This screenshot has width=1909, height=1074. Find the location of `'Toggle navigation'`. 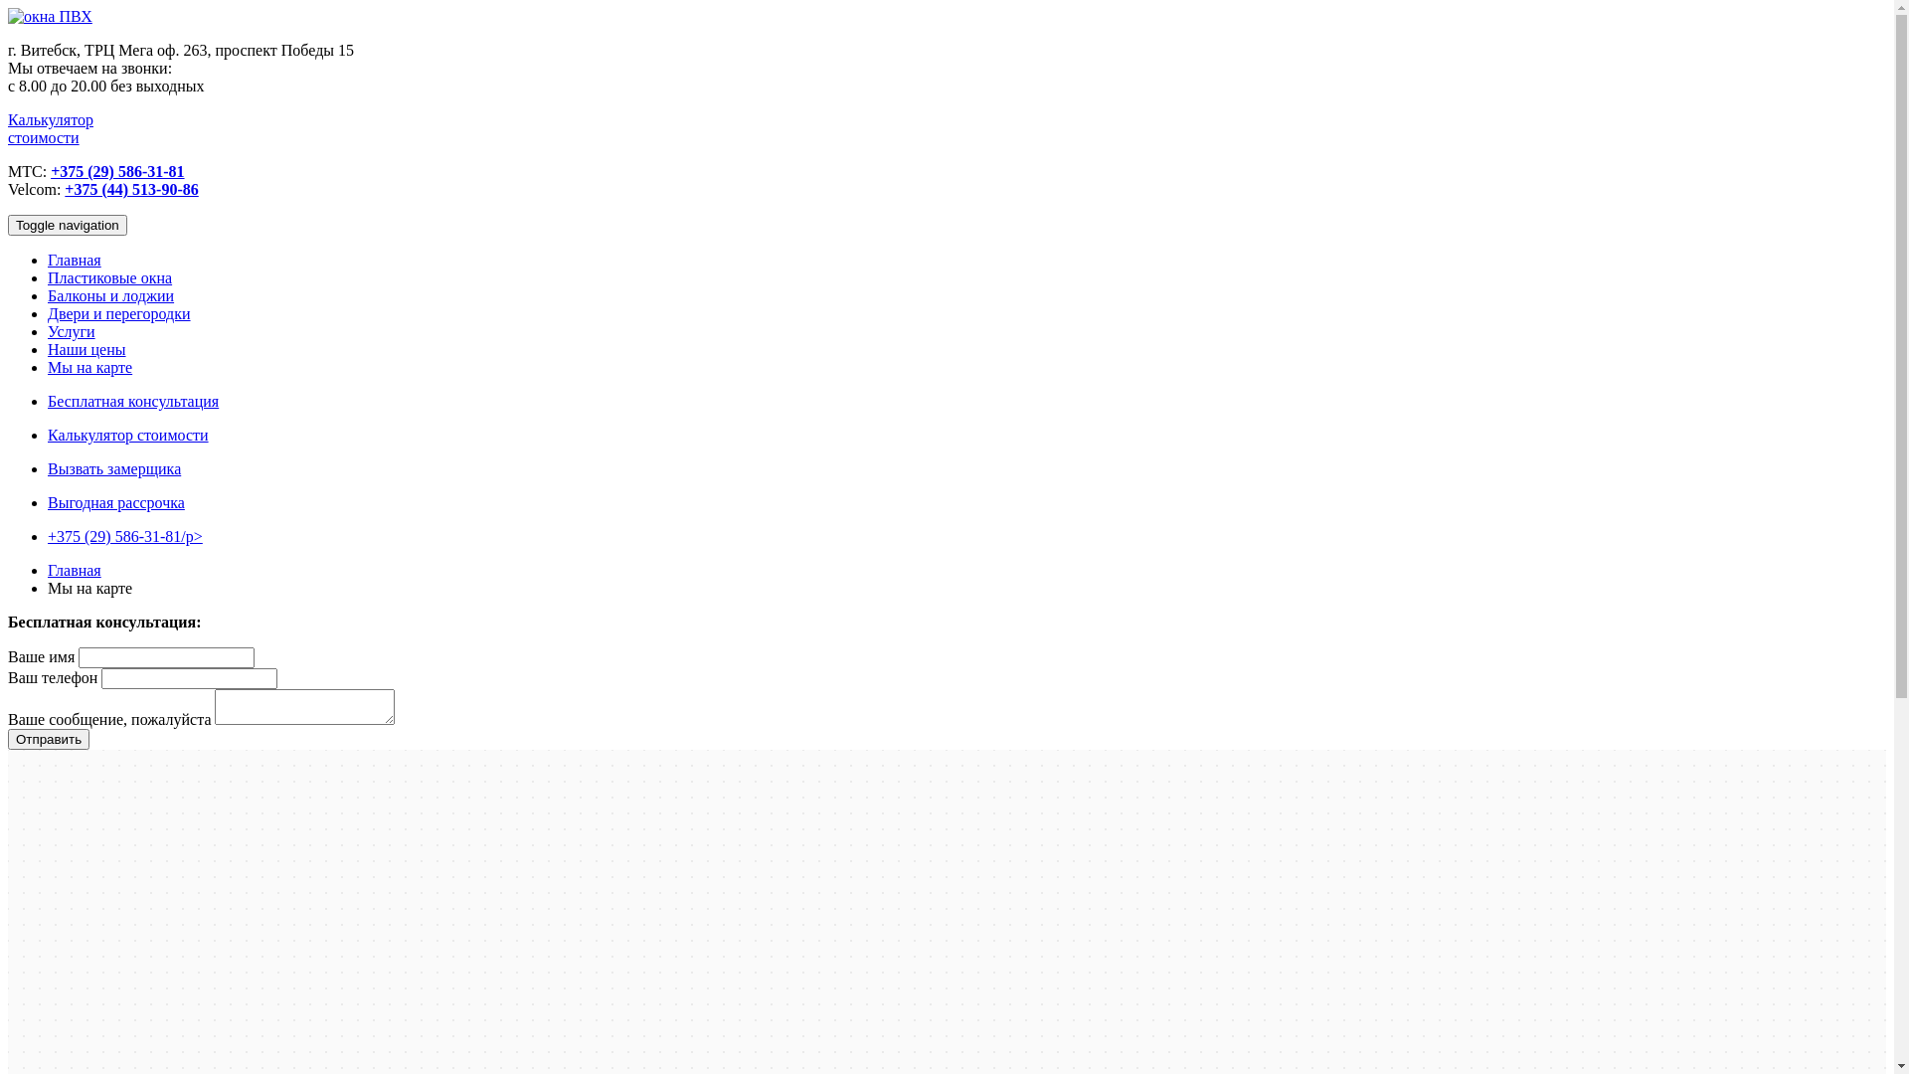

'Toggle navigation' is located at coordinates (67, 224).